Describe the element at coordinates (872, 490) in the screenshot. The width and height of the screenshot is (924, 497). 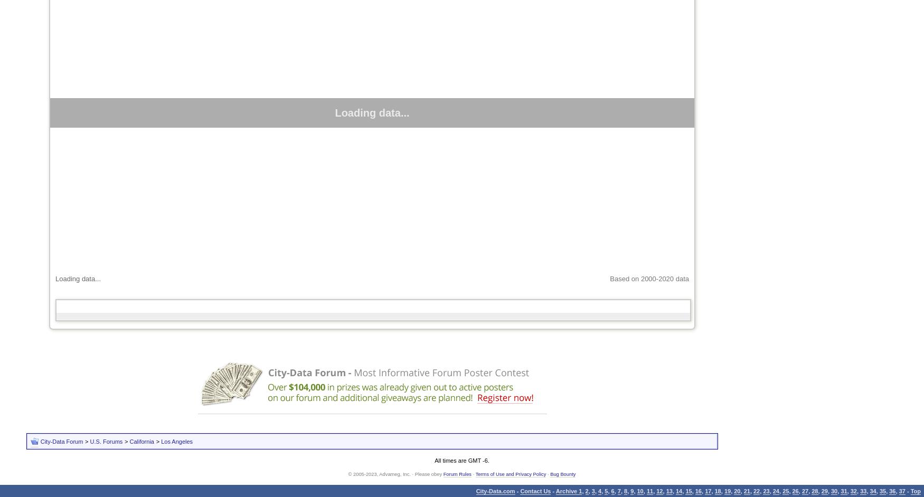
I see `'34'` at that location.